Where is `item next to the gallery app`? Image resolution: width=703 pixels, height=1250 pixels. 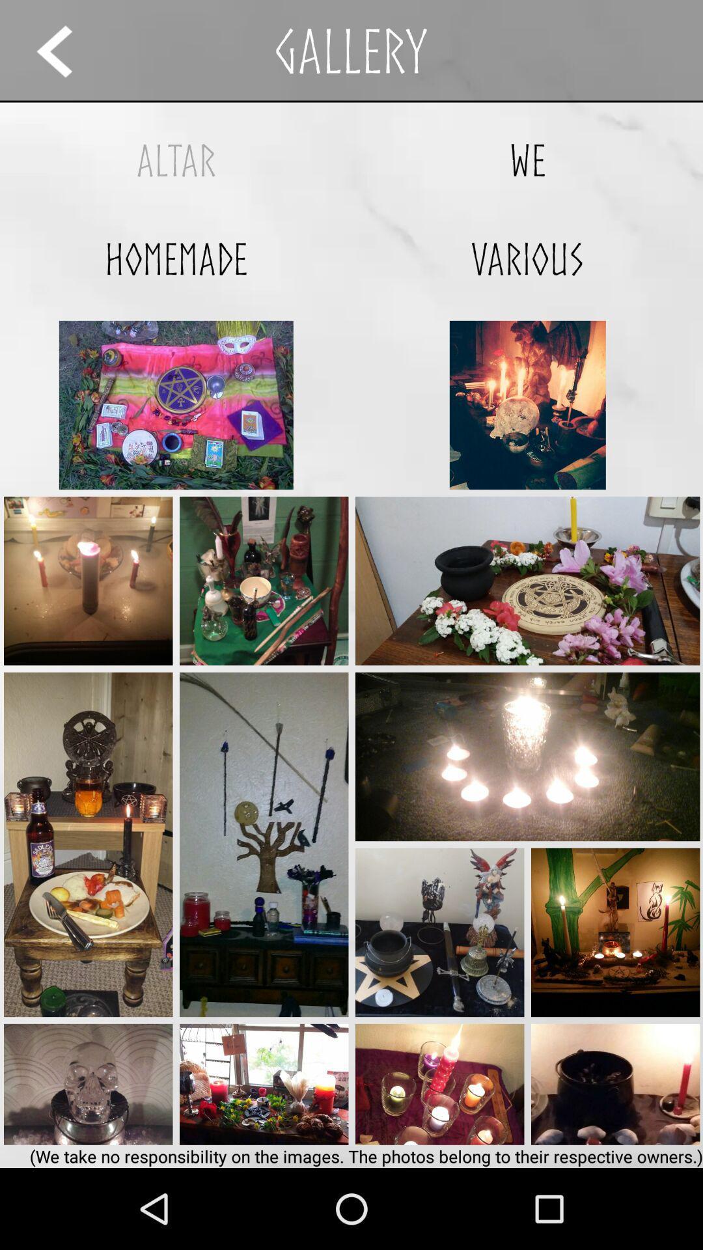 item next to the gallery app is located at coordinates (66, 51).